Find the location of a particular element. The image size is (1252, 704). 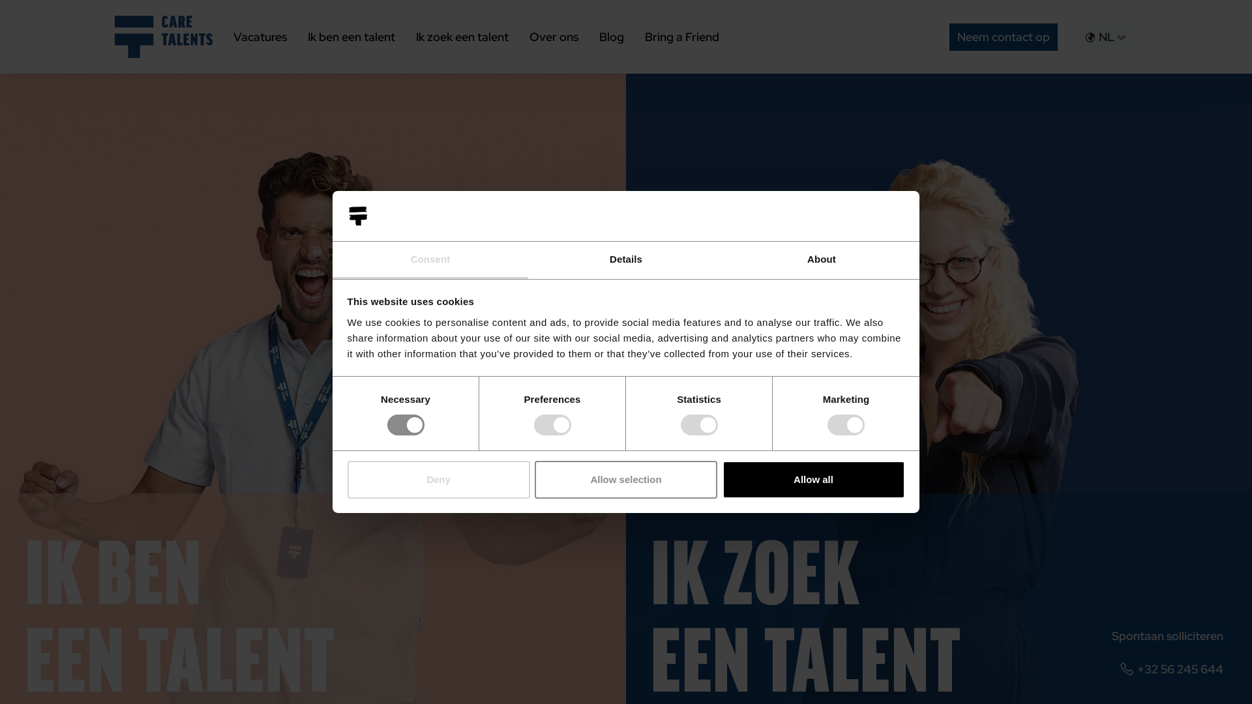

'Bring a Friend' is located at coordinates (681, 37).